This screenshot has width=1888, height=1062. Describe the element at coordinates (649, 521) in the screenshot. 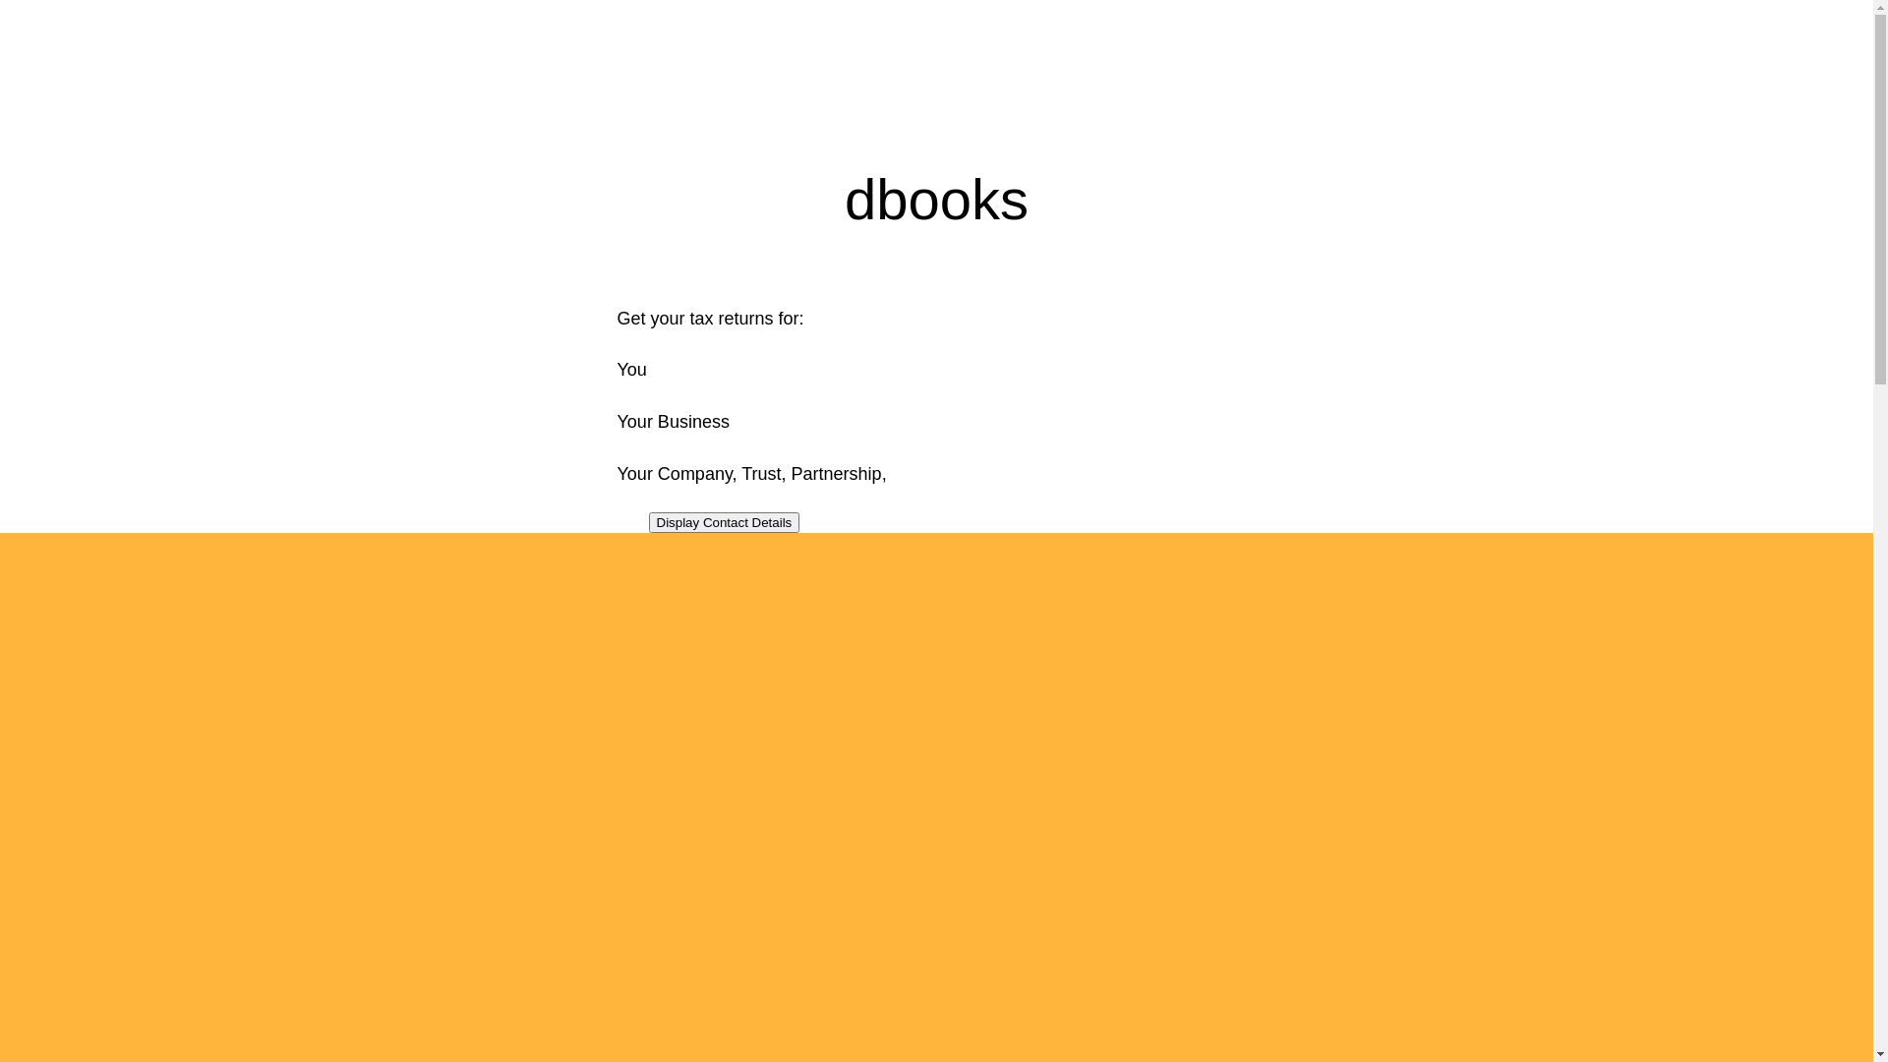

I see `'Display Contact Details'` at that location.